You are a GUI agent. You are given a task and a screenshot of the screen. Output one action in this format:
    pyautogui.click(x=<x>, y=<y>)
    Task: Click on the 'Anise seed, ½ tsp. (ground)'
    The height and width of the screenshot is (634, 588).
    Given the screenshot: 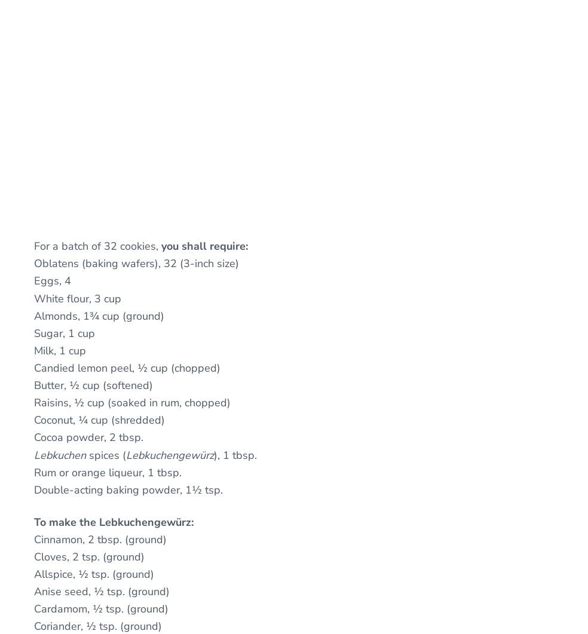 What is the action you would take?
    pyautogui.click(x=102, y=591)
    